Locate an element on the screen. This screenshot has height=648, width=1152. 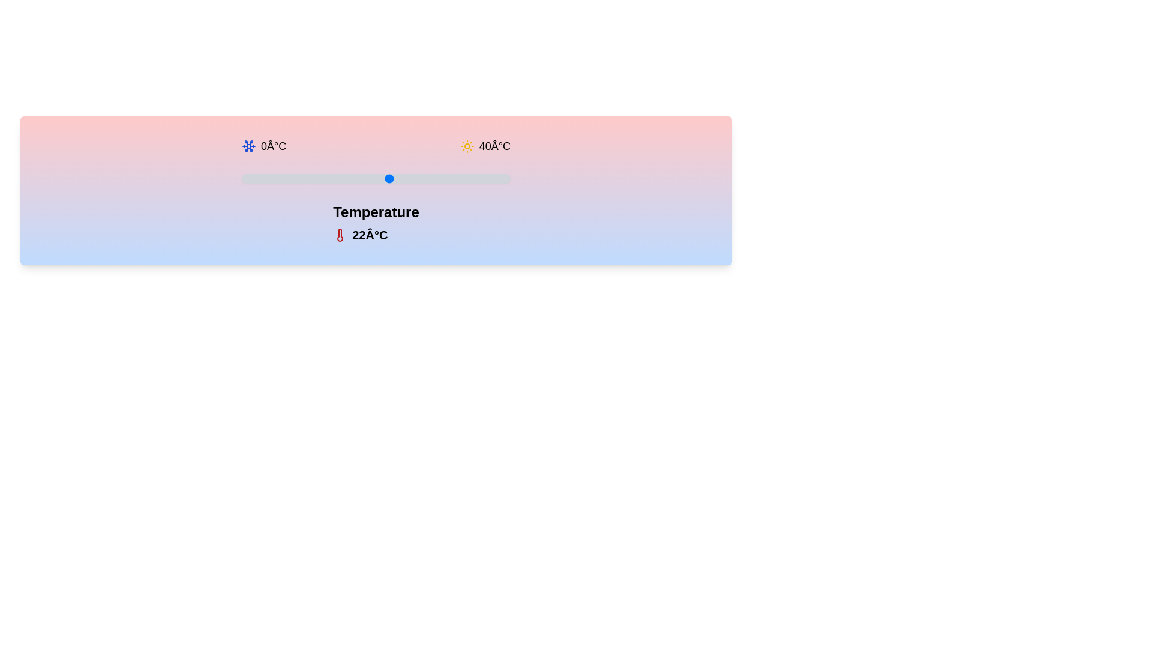
the slider to set the temperature to 2°C is located at coordinates (254, 178).